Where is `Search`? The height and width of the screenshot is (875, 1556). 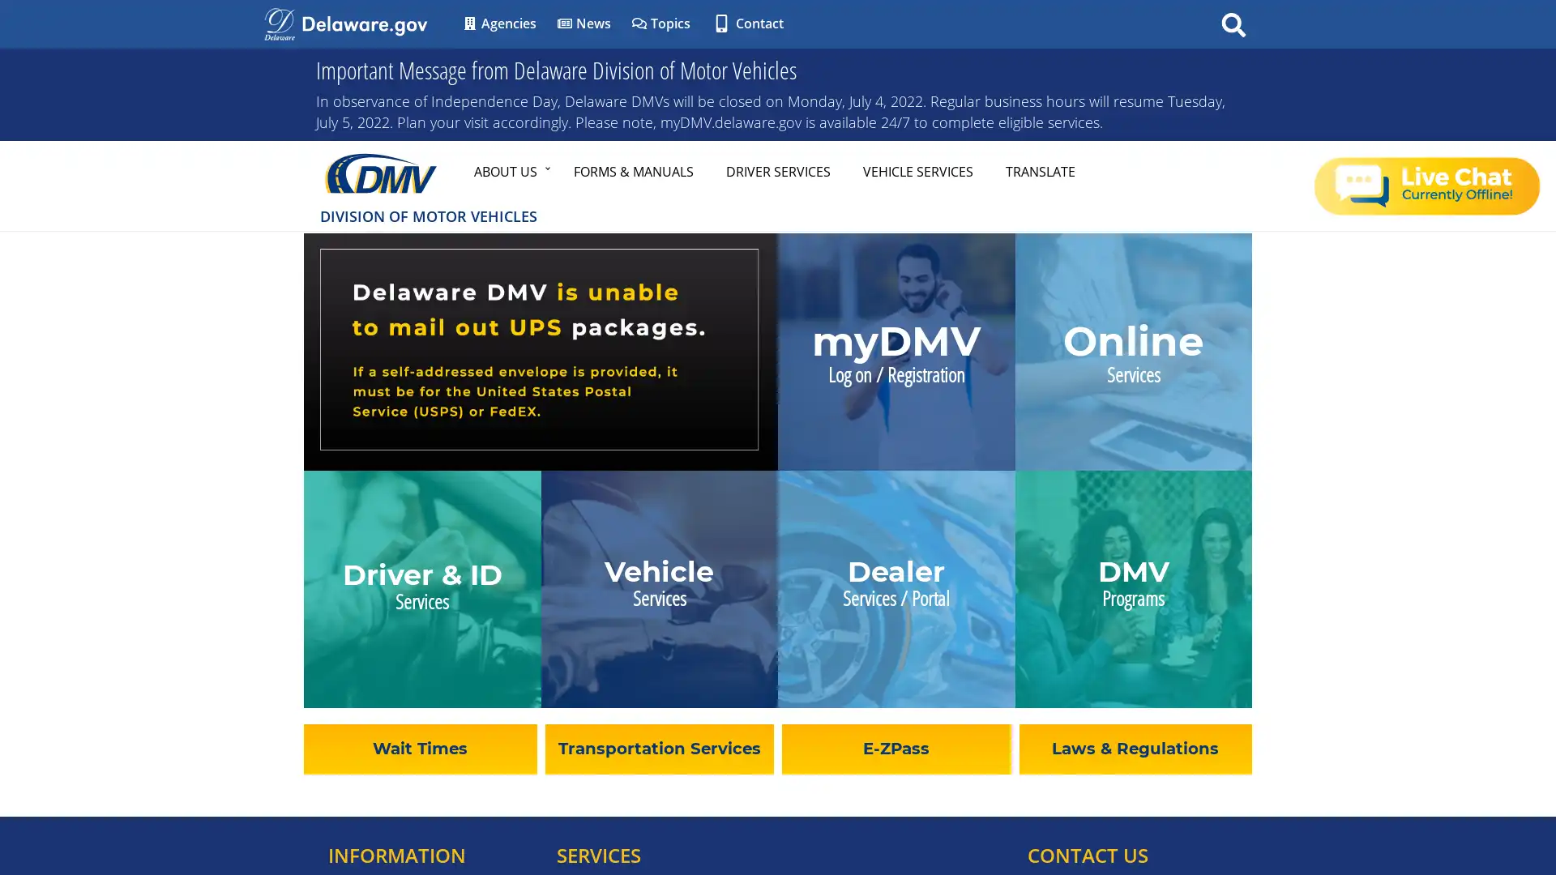
Search is located at coordinates (1233, 23).